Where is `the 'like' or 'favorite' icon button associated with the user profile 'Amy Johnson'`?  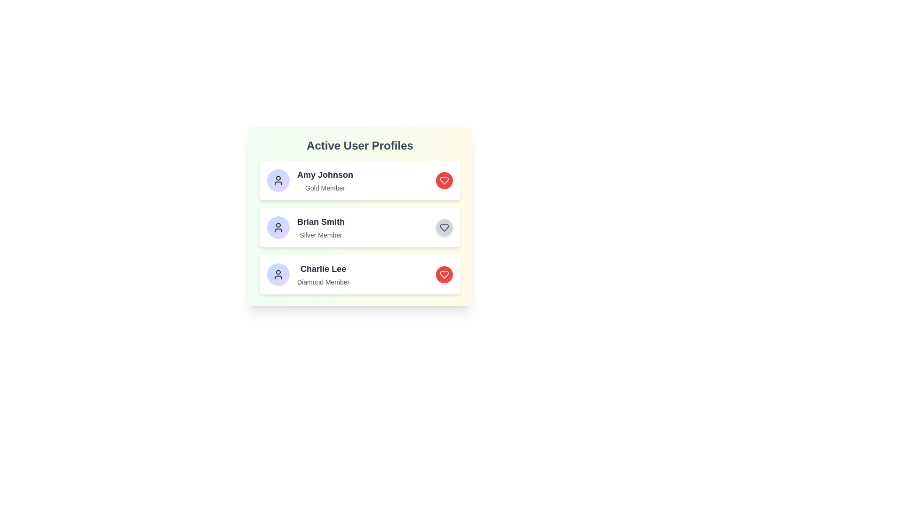 the 'like' or 'favorite' icon button associated with the user profile 'Amy Johnson' is located at coordinates (444, 181).